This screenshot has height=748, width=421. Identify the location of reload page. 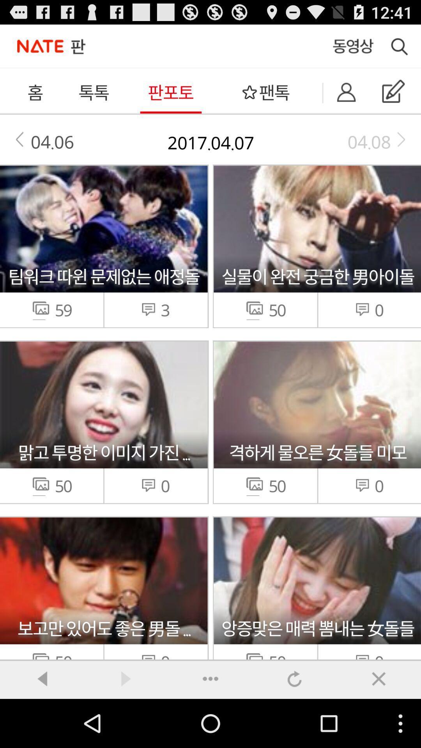
(295, 678).